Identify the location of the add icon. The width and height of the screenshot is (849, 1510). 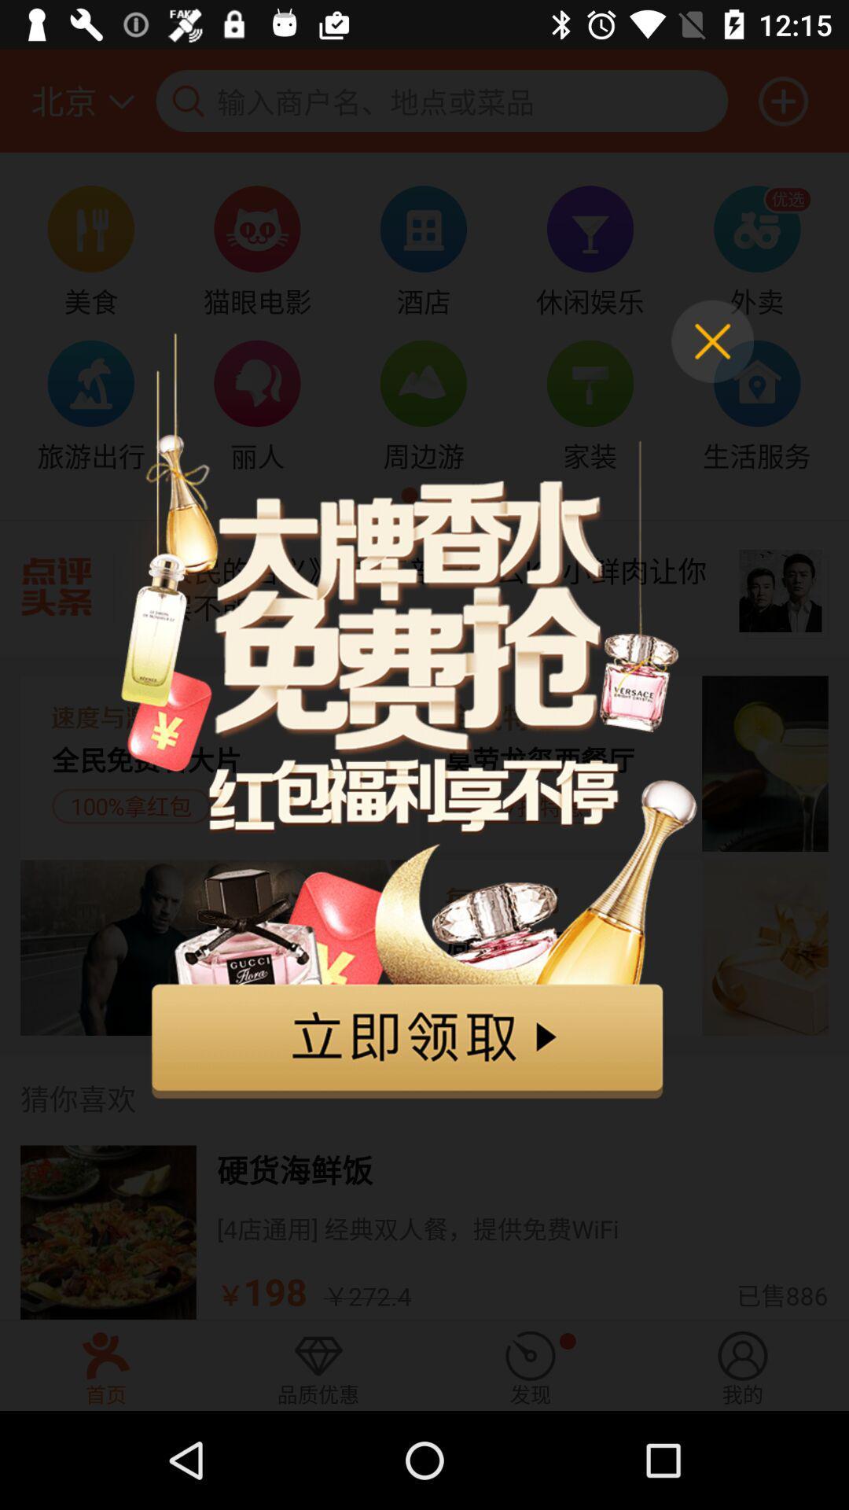
(783, 100).